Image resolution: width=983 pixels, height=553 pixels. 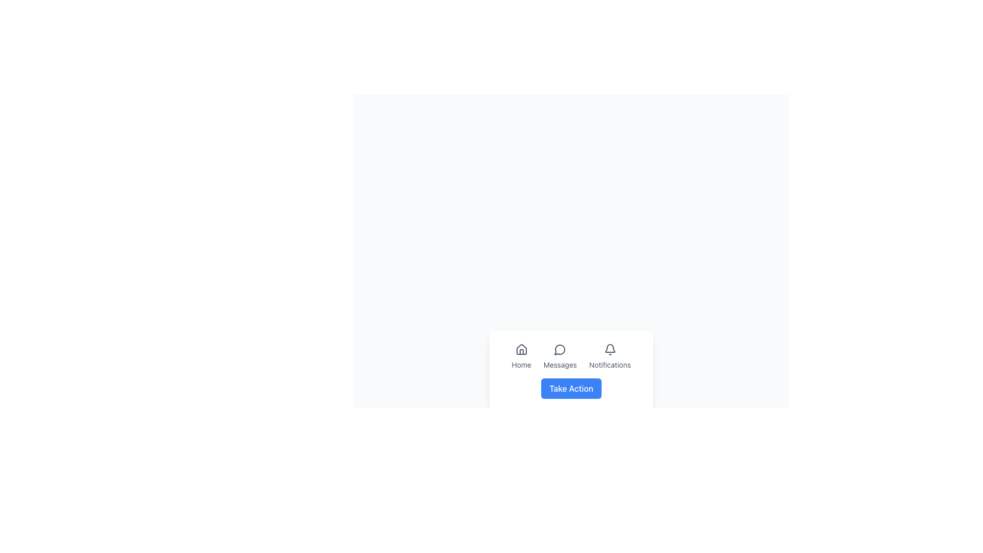 What do you see at coordinates (571, 389) in the screenshot?
I see `the 'Take Action' button` at bounding box center [571, 389].